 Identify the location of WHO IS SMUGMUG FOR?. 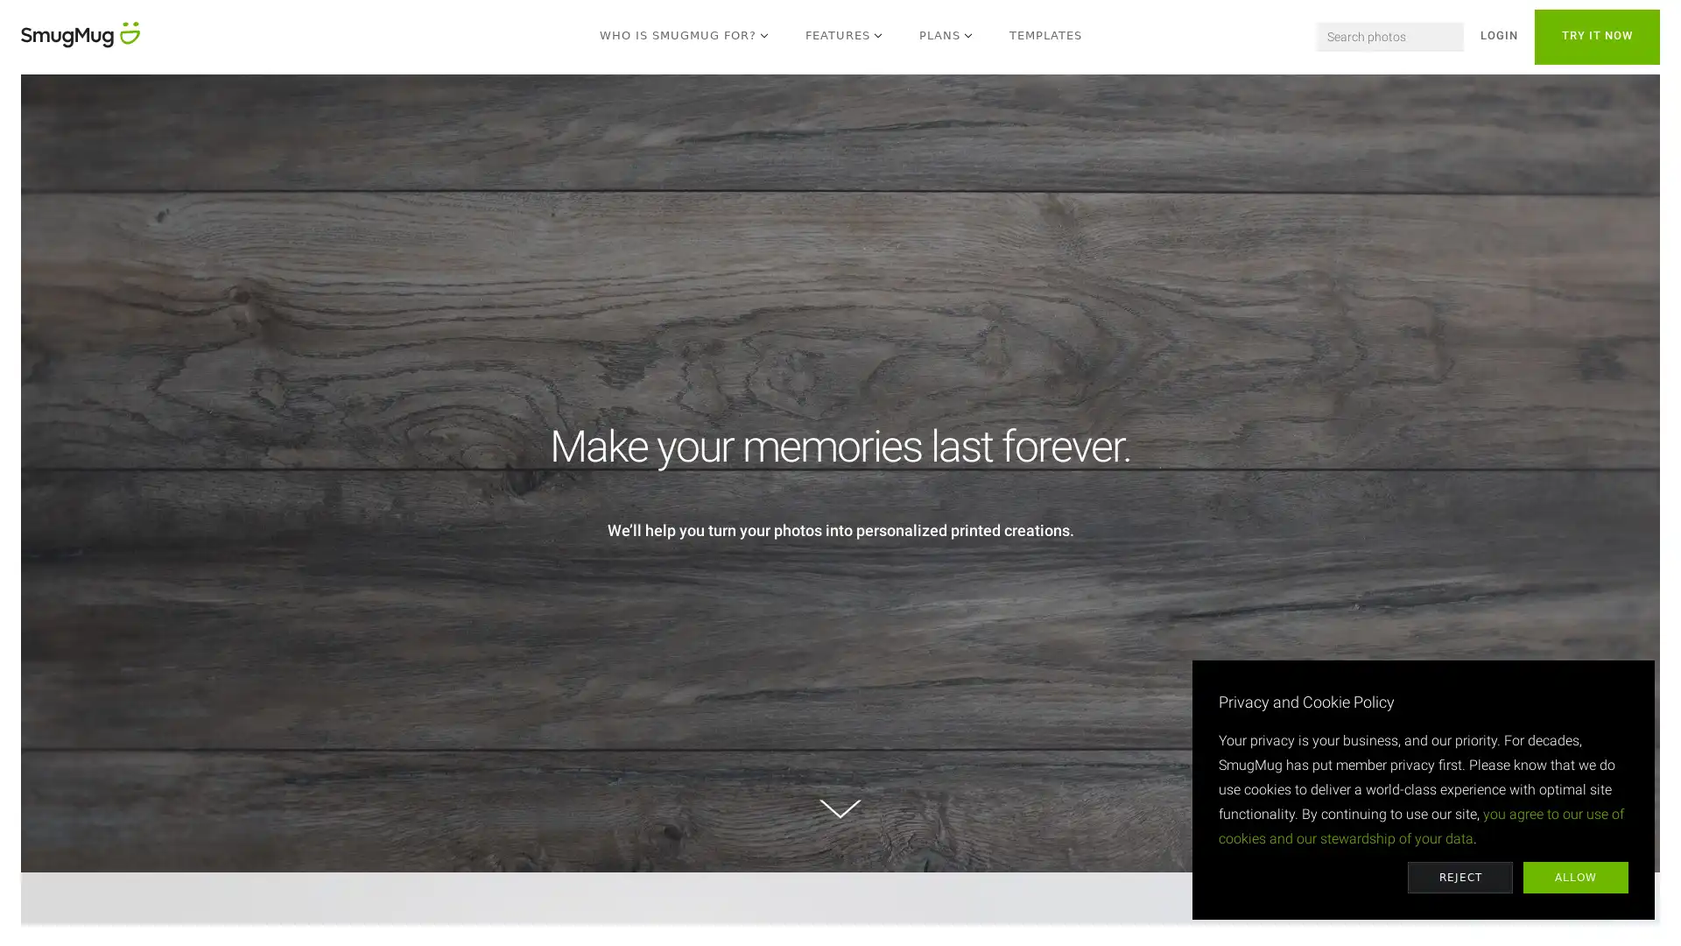
(684, 37).